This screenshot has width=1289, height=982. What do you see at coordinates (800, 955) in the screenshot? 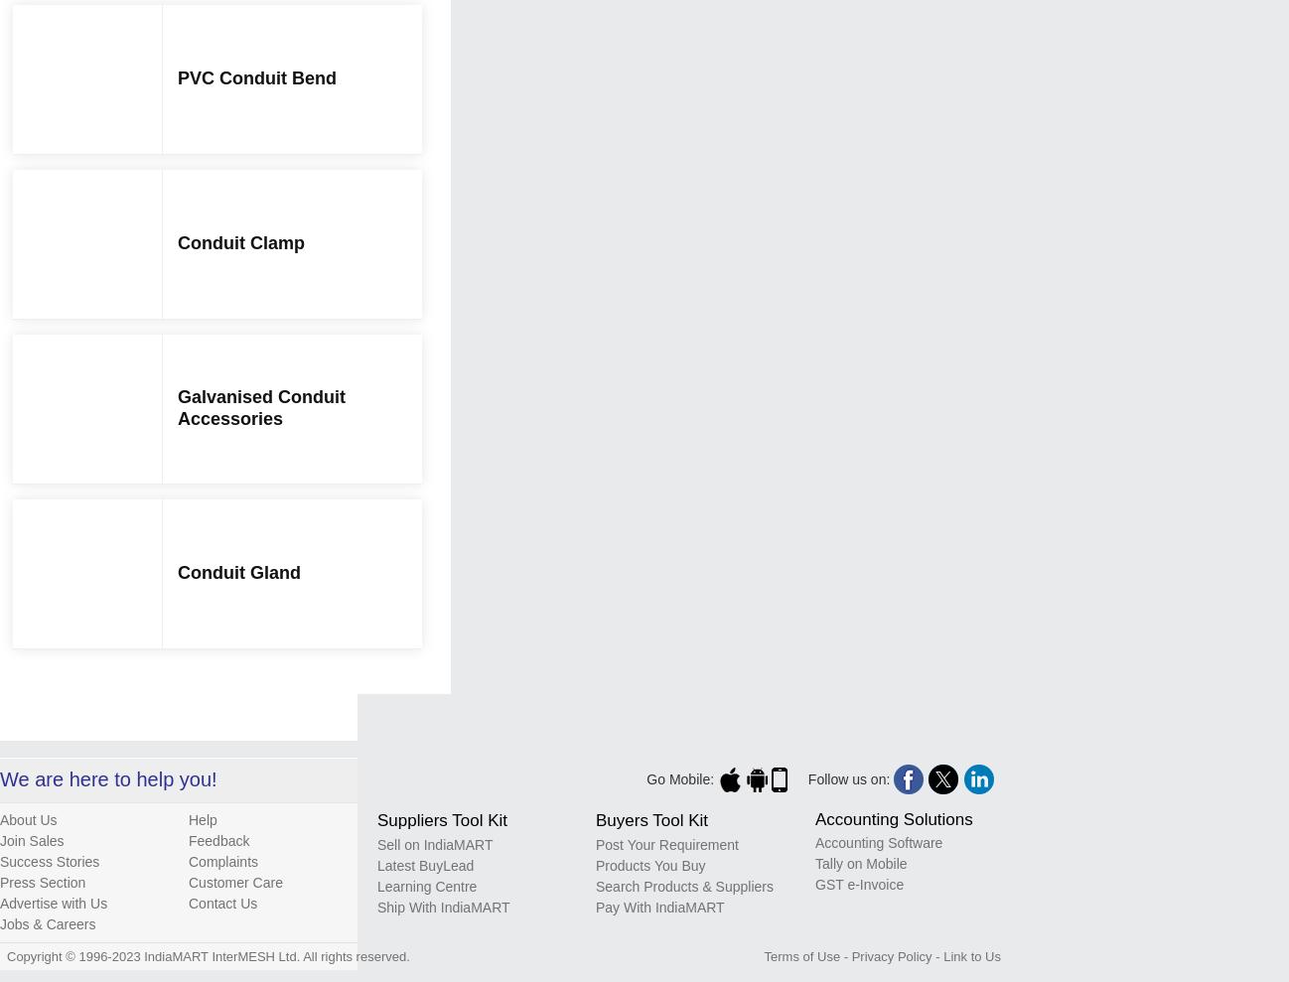
I see `'Terms of Use'` at bounding box center [800, 955].